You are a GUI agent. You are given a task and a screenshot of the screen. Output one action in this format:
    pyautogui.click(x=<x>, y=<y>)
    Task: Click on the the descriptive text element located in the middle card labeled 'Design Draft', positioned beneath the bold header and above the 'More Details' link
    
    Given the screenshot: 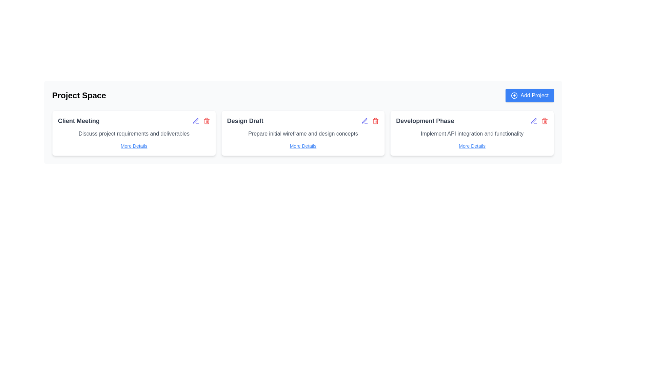 What is the action you would take?
    pyautogui.click(x=302, y=134)
    